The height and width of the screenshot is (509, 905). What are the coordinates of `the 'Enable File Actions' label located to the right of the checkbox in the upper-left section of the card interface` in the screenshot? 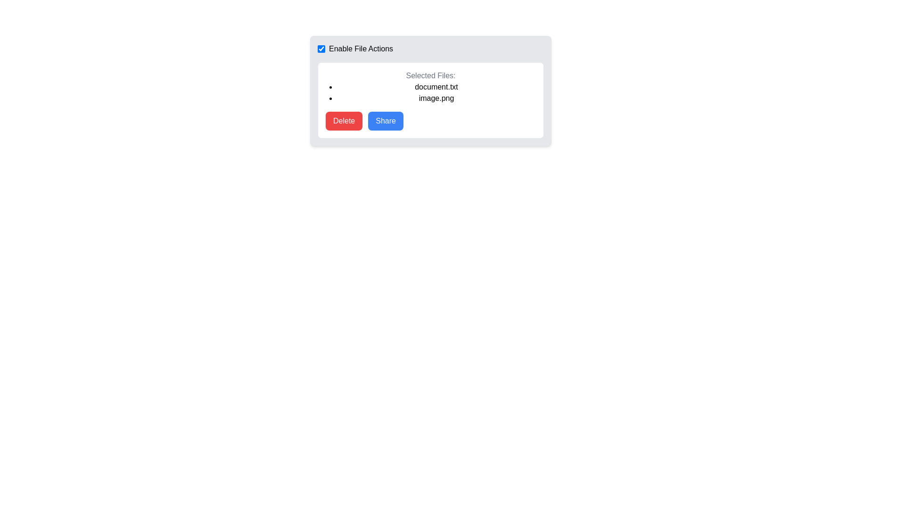 It's located at (354, 49).